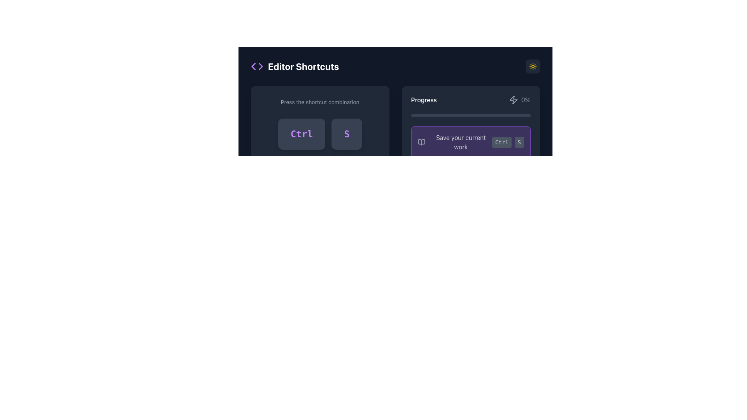 The height and width of the screenshot is (420, 747). I want to click on the composite keyboard shortcut representation located below the 'Press the shortcut combination' label, so click(320, 133).